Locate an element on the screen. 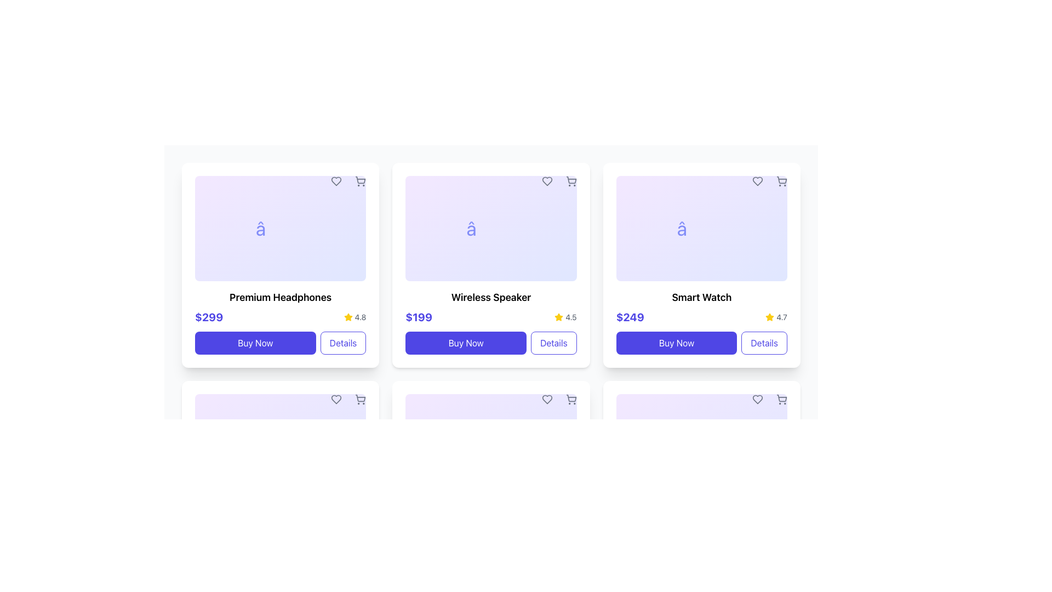  the text label displaying 'Smart Watch' in bold font, which is centrally located in the third product card, positioned above the price and 'Buy Now' button is located at coordinates (701, 298).